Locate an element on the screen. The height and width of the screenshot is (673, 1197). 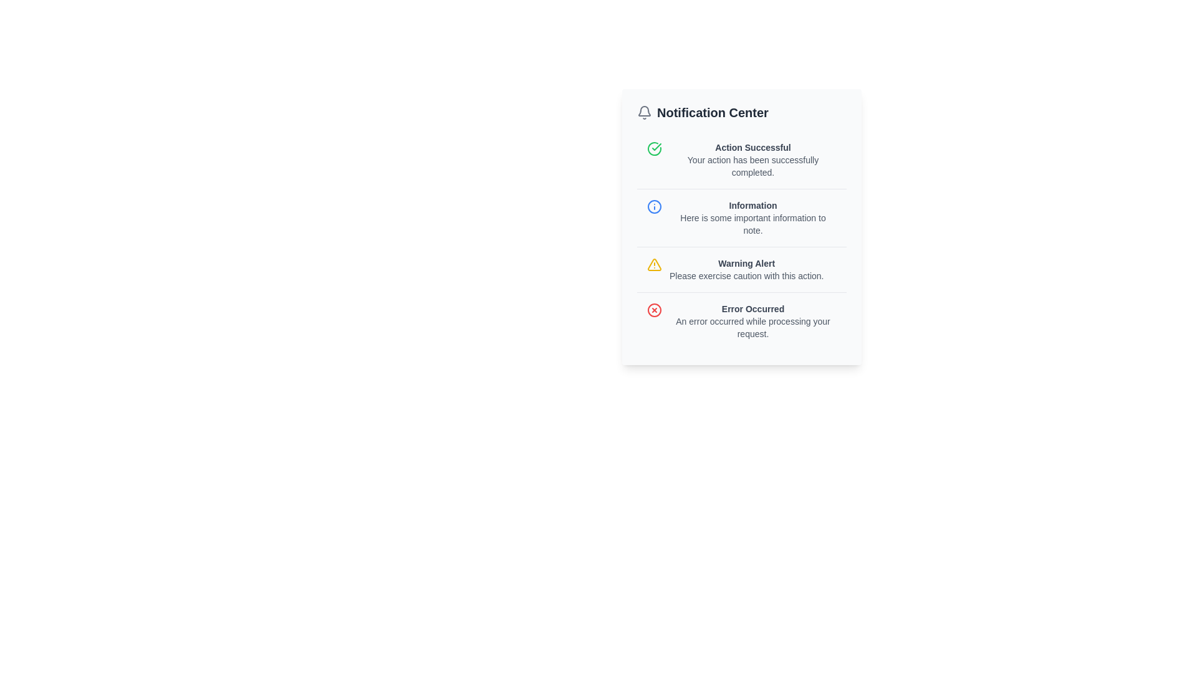
the success icon located at the top left of the 'Action Successful' notification panel, adjacent to the bolded title text is located at coordinates (654, 148).